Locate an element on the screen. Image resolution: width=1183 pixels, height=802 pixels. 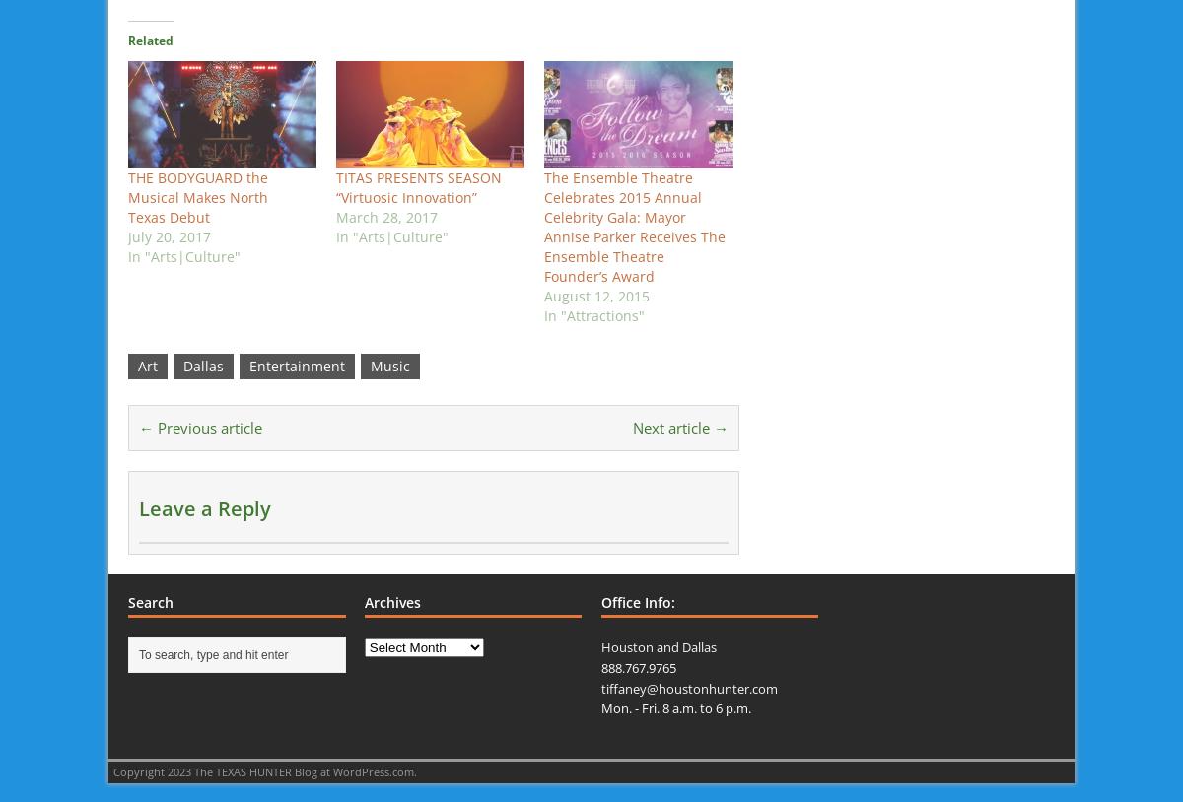
'tiffaney@houstonhunter.com' is located at coordinates (688, 688).